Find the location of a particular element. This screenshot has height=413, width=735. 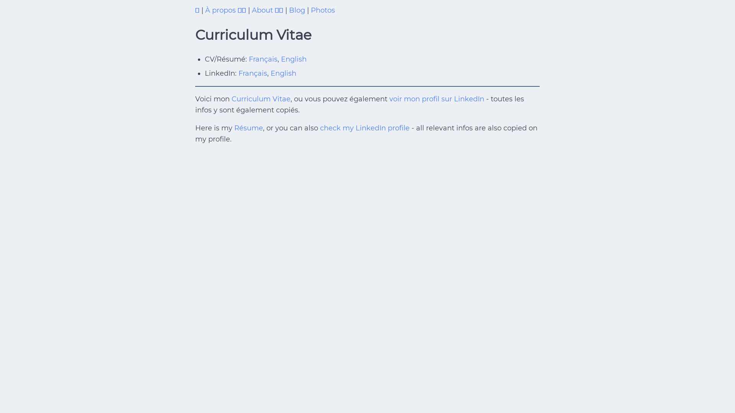

'Blog' is located at coordinates (288, 10).